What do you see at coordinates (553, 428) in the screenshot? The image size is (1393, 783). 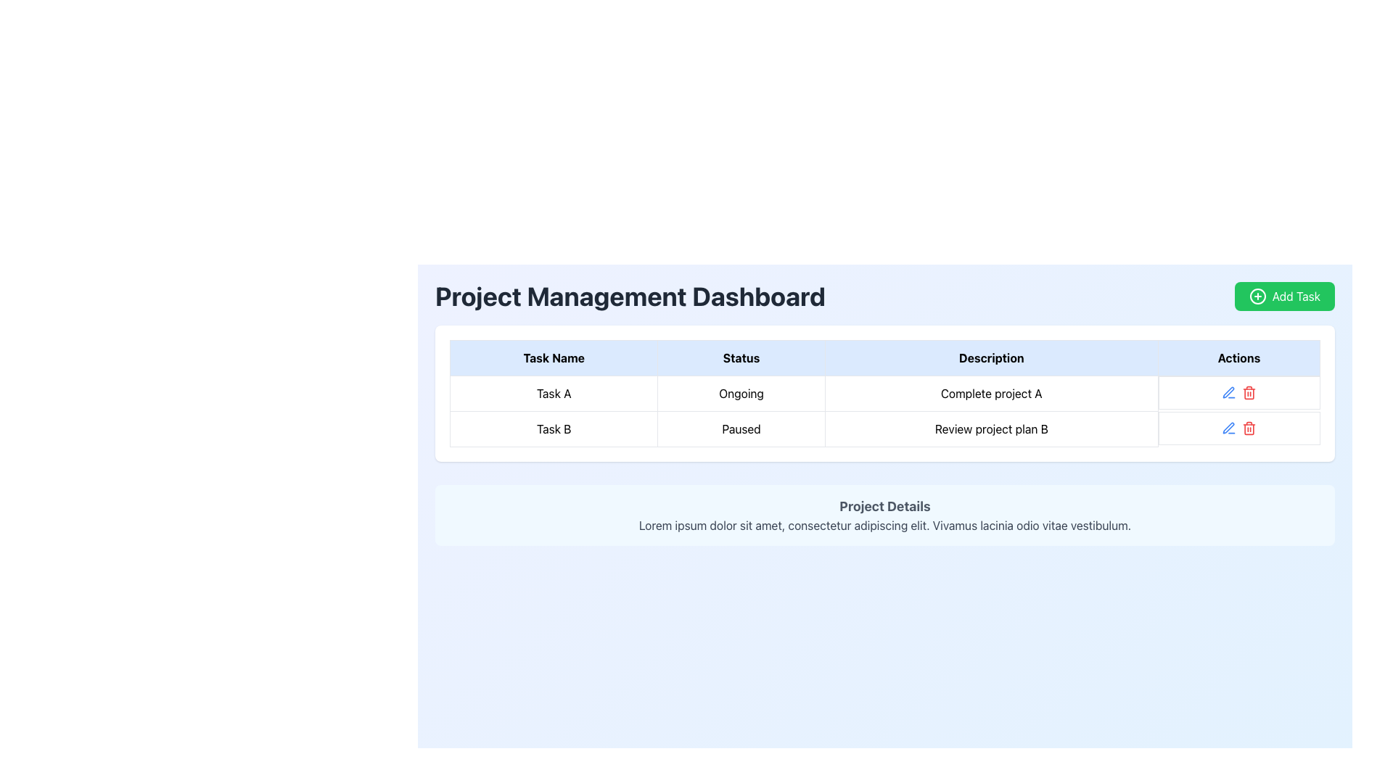 I see `the text label displaying 'Task B' with a border, which is located in the second row under the 'Task Name' column of a data table` at bounding box center [553, 428].